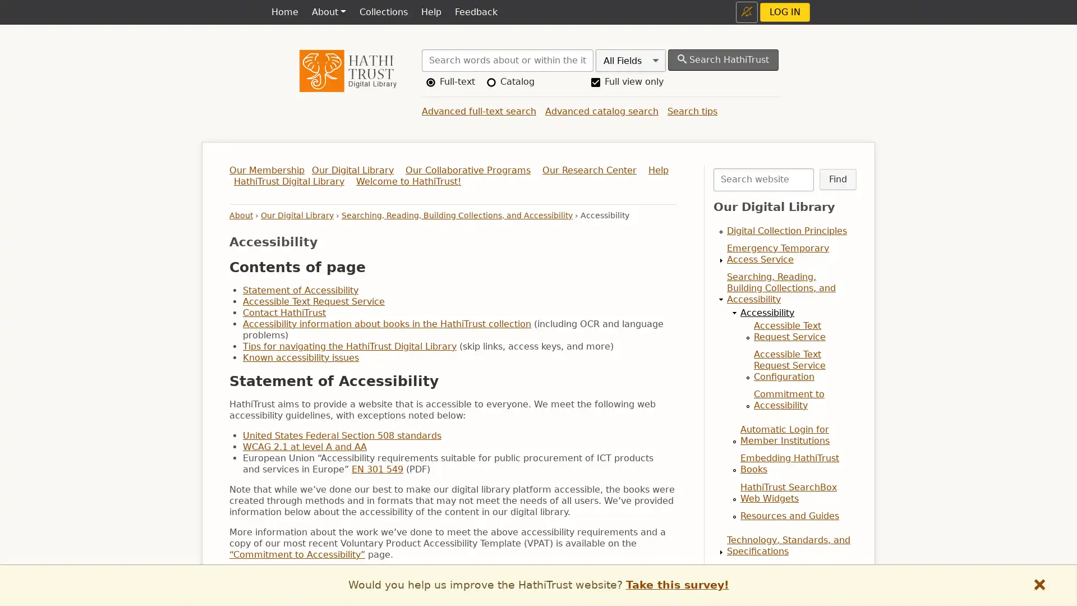  Describe the element at coordinates (747, 12) in the screenshot. I see `Toggle Notifications` at that location.